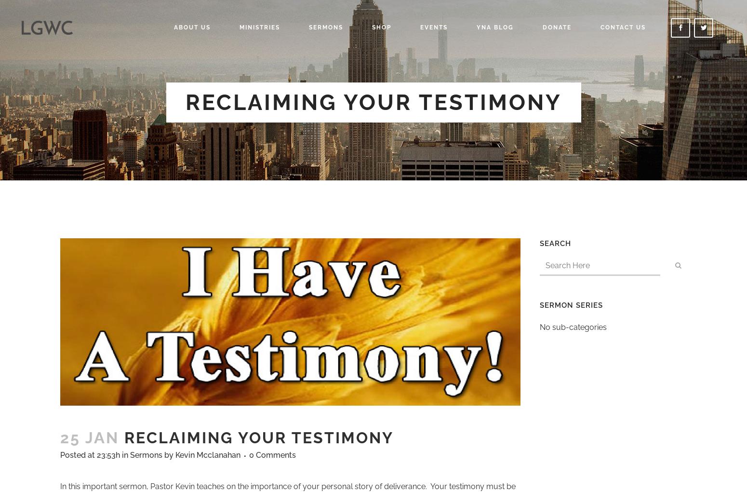 This screenshot has height=492, width=747. What do you see at coordinates (539, 304) in the screenshot?
I see `'Sermon Series'` at bounding box center [539, 304].